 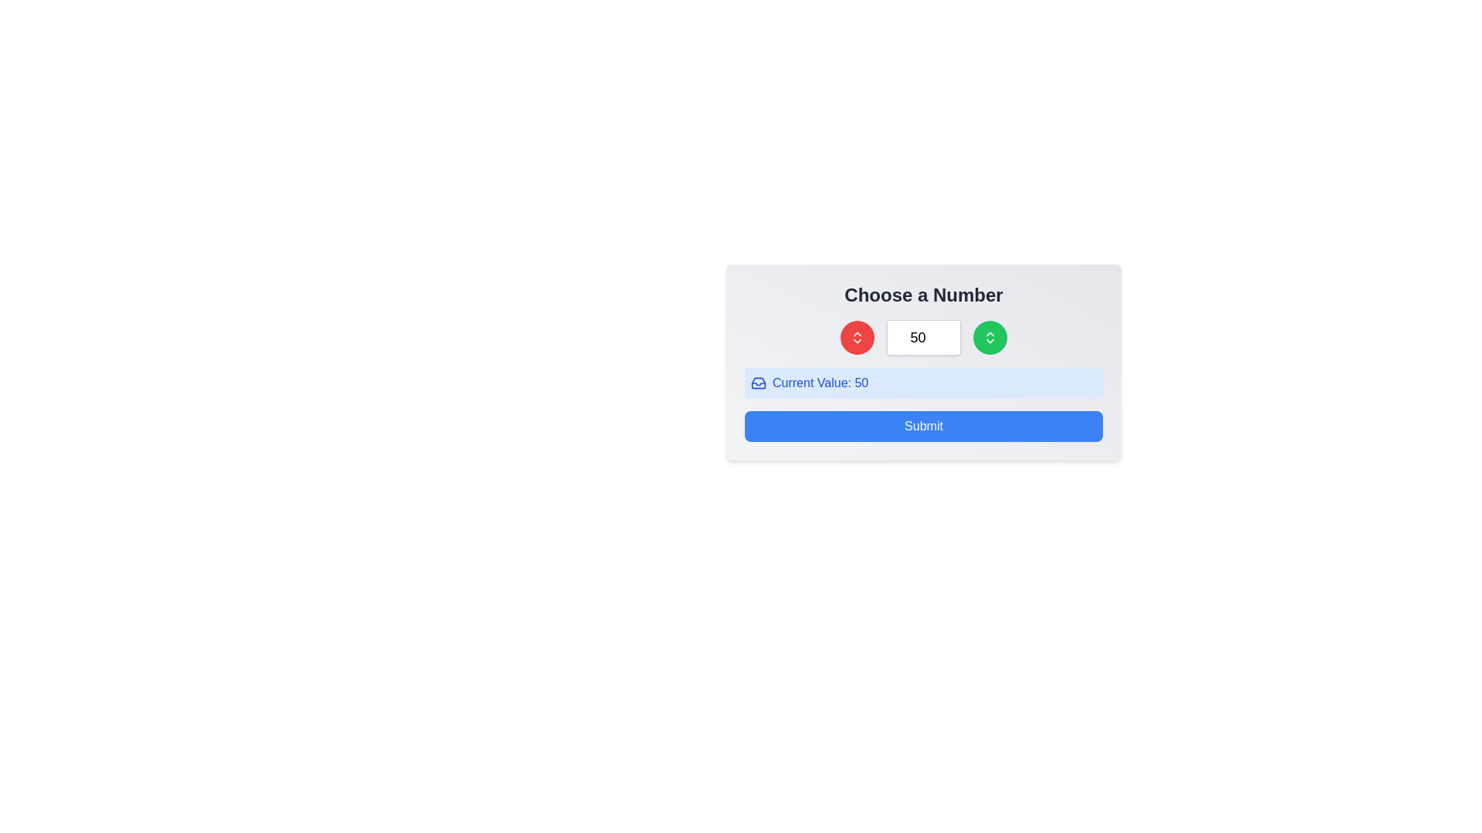 What do you see at coordinates (923, 383) in the screenshot?
I see `the Informational display panel that shows the current selected value of the associated number input, positioned directly above the 'Submit' button` at bounding box center [923, 383].